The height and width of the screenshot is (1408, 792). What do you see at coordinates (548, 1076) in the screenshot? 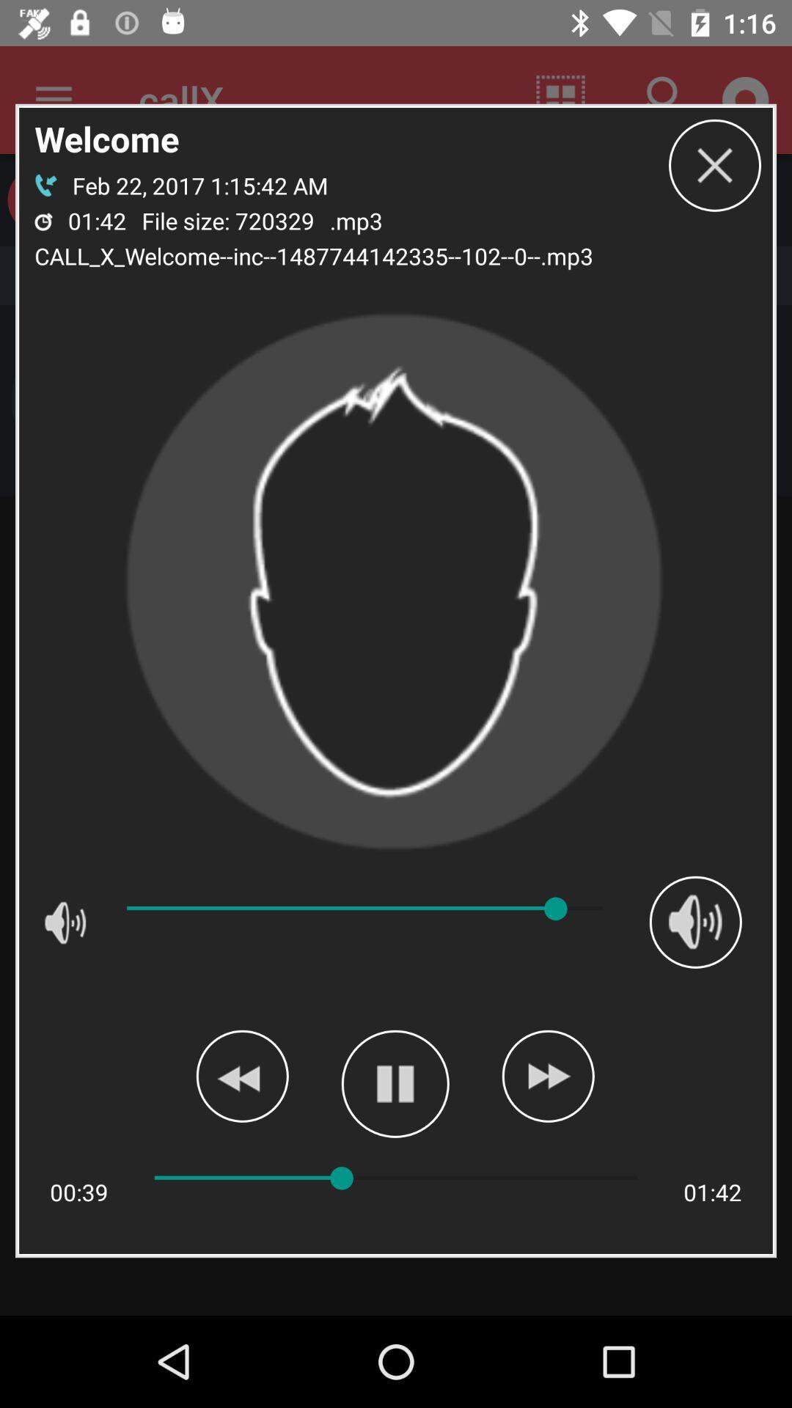
I see `fast forward or skip play` at bounding box center [548, 1076].